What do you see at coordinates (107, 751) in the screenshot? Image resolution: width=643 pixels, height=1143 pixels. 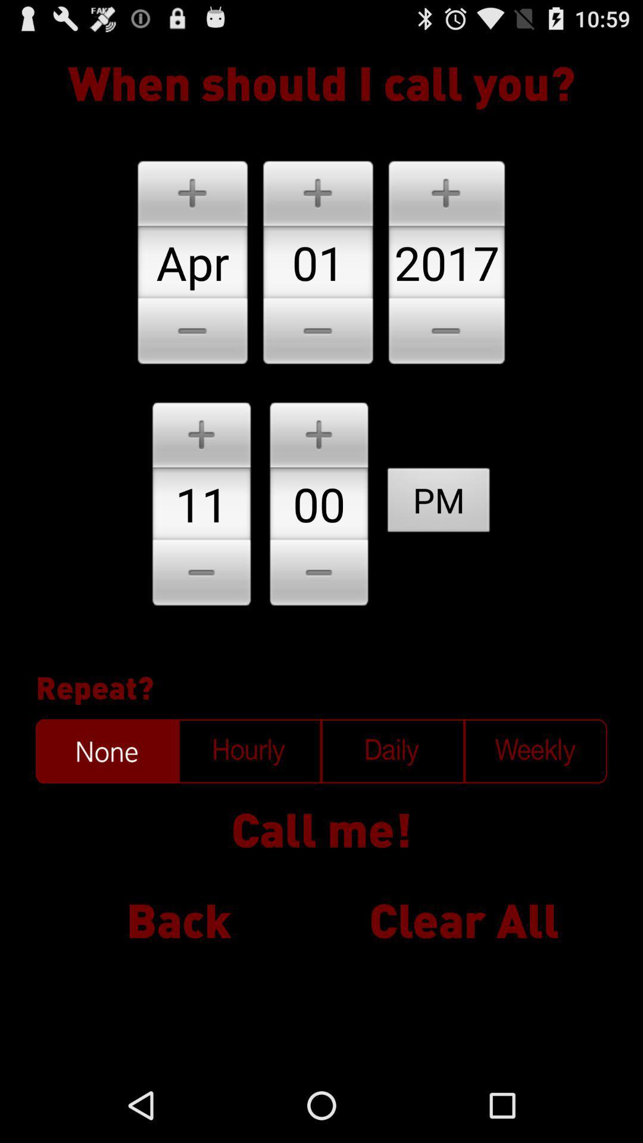 I see `function to select frequency of call none is currently selected` at bounding box center [107, 751].